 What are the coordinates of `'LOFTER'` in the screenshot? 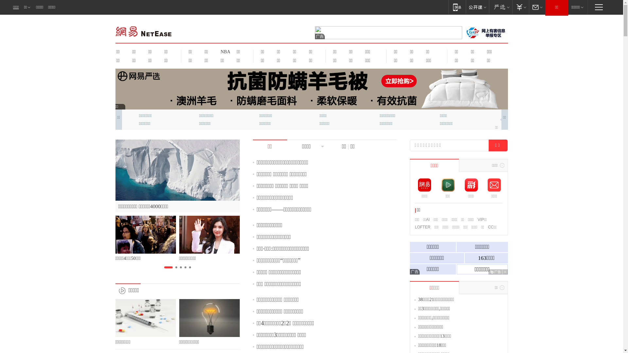 It's located at (422, 227).